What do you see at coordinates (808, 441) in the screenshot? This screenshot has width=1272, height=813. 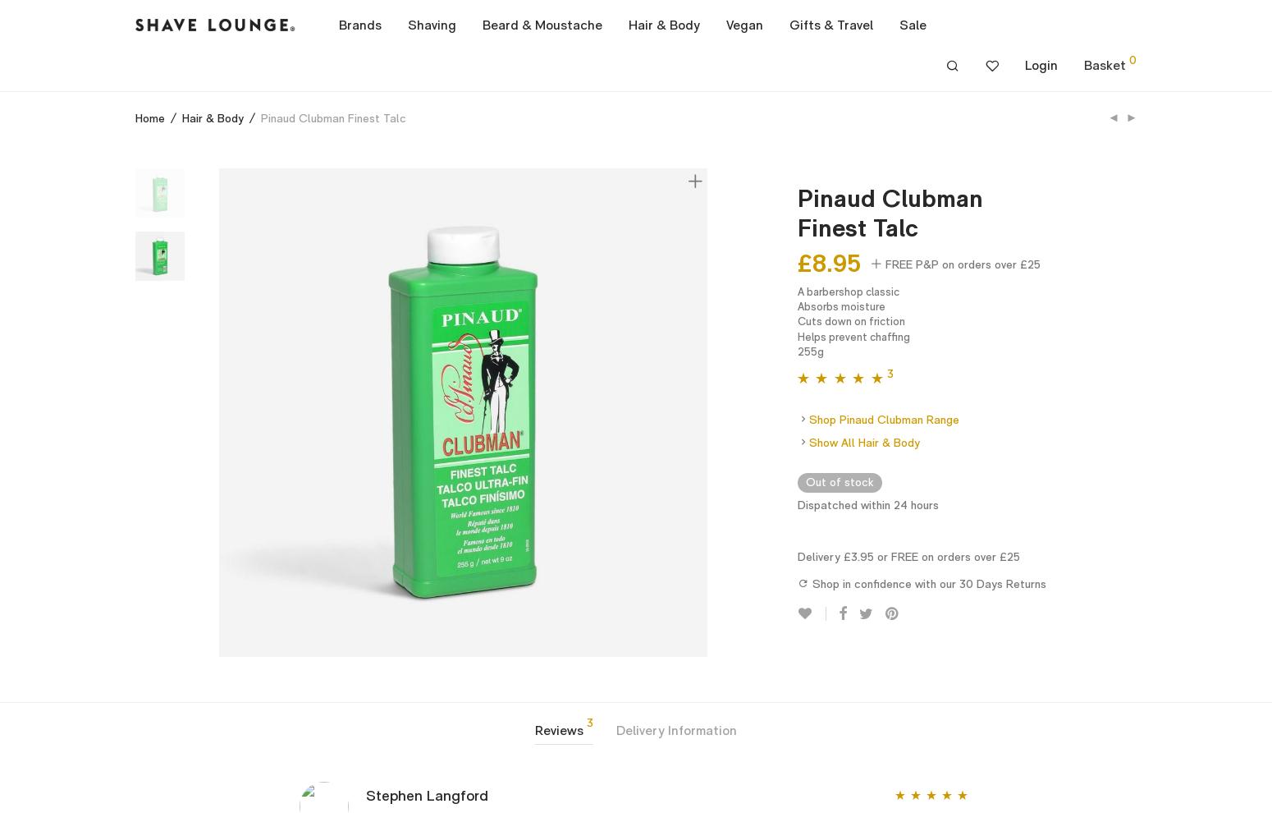 I see `'Show All Hair & Body'` at bounding box center [808, 441].